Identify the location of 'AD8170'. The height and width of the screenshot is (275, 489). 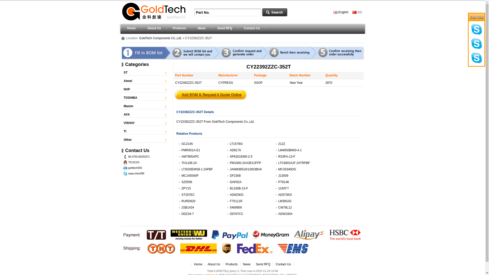
(229, 150).